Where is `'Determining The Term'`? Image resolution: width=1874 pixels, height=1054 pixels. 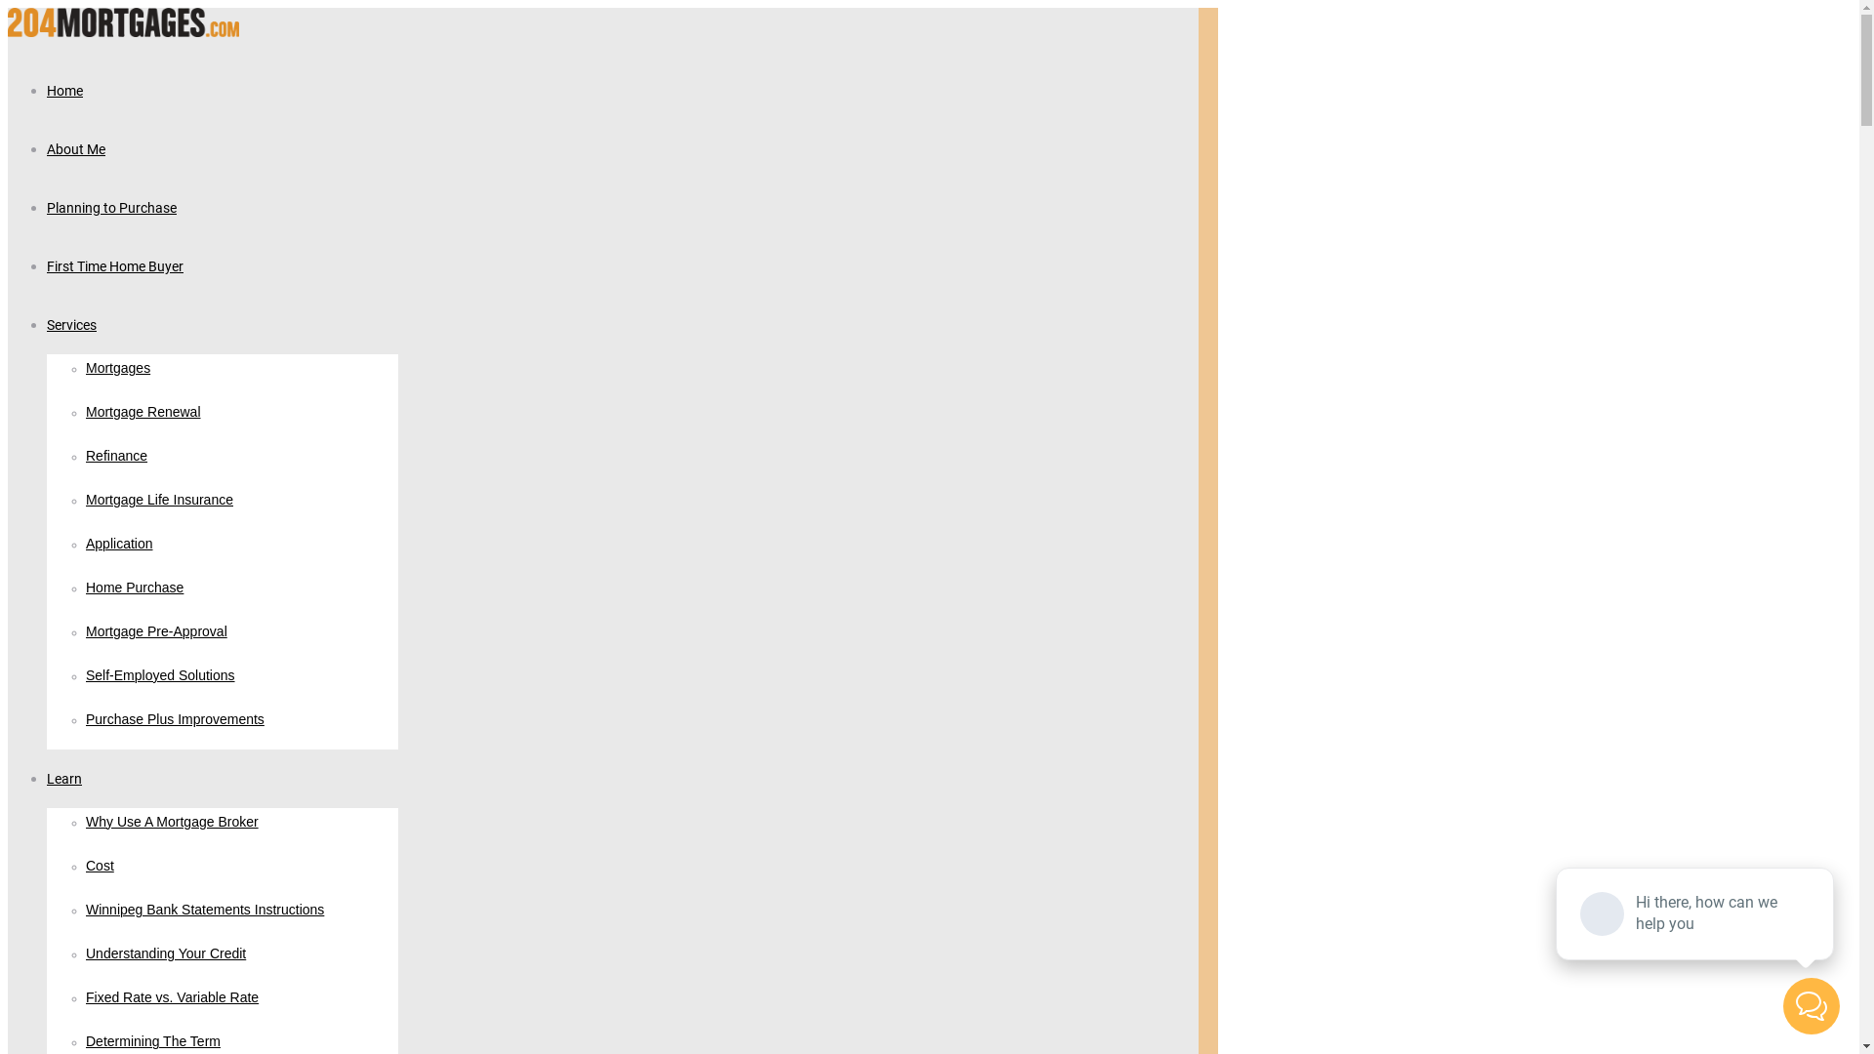
'Determining The Term' is located at coordinates (152, 1041).